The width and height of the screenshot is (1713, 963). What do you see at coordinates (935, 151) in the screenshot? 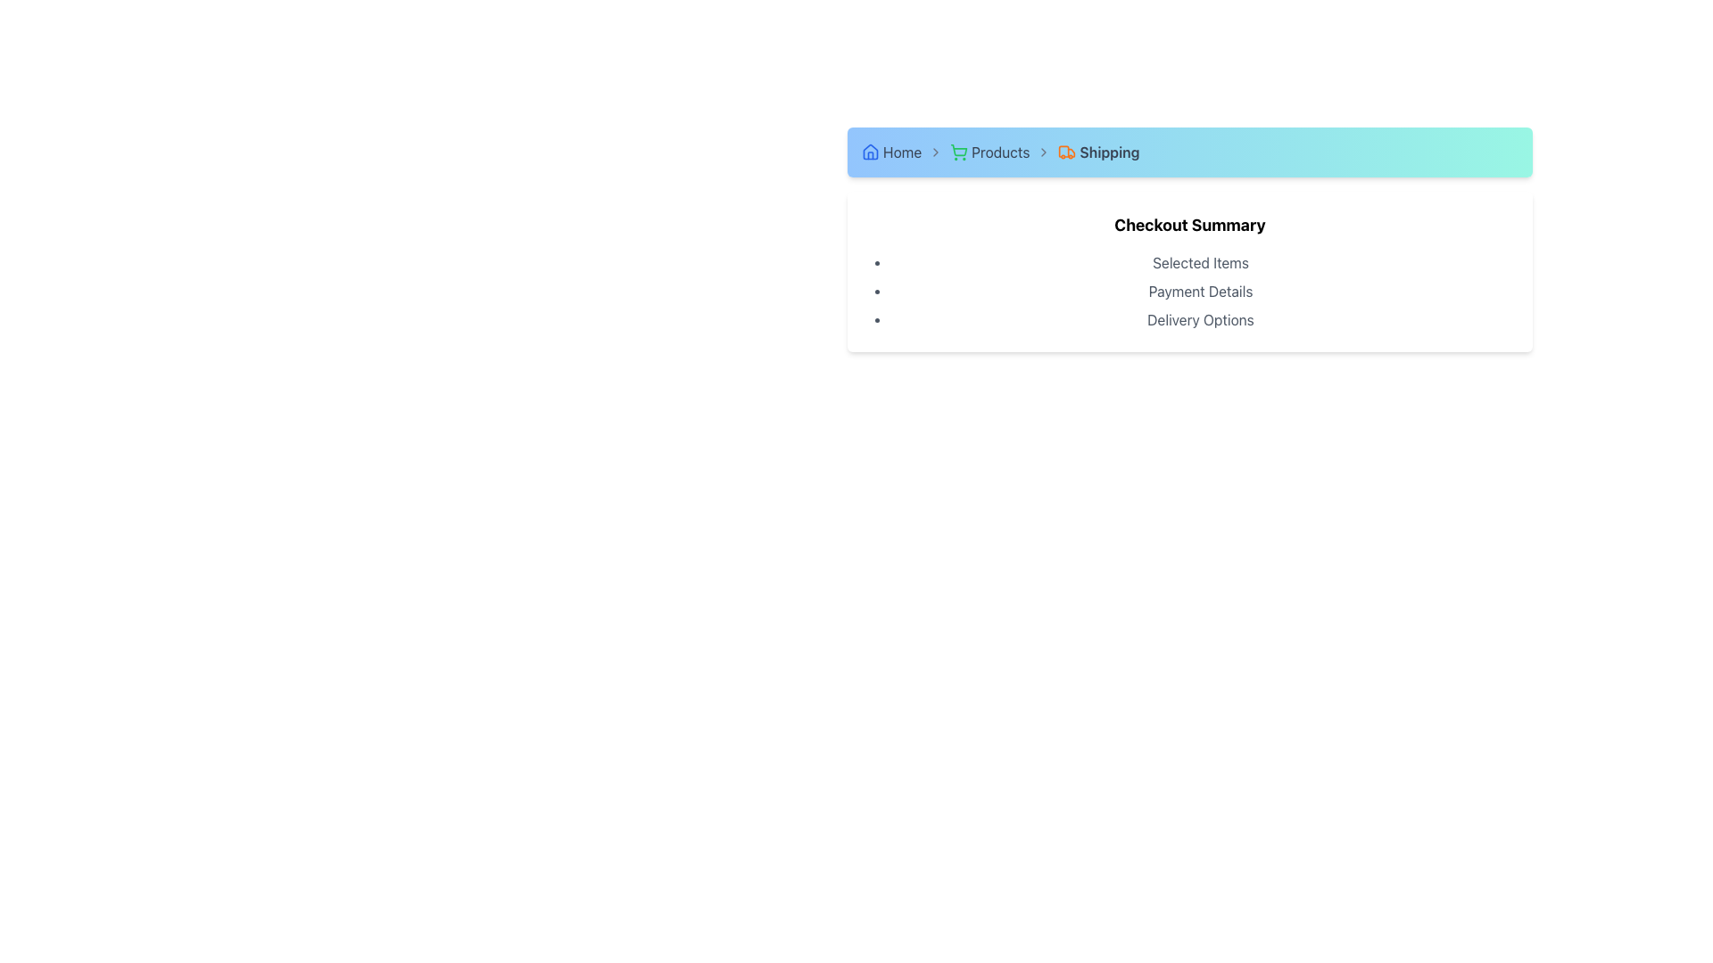
I see `the right-pointing chevron arrow icon in the breadcrumb navigation bar, located between the 'Home' and 'Products' links` at bounding box center [935, 151].